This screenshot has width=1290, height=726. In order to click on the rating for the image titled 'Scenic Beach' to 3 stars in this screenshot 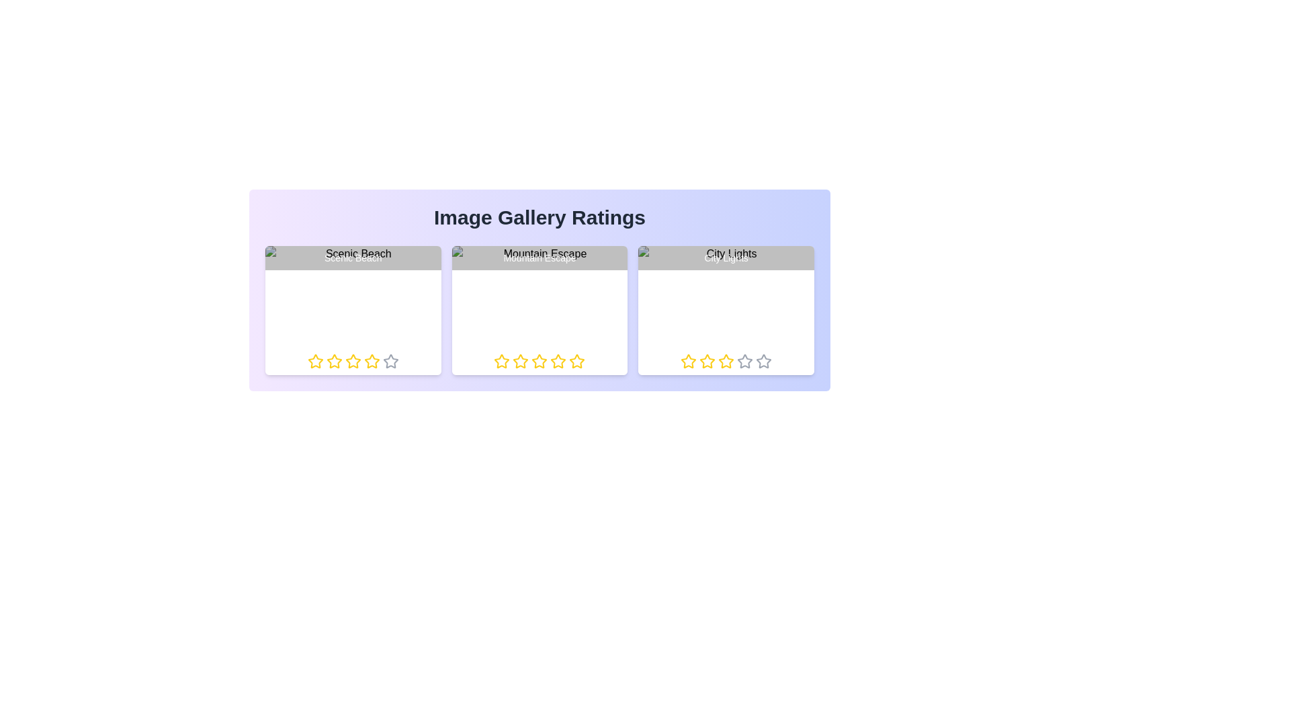, I will do `click(345, 360)`.